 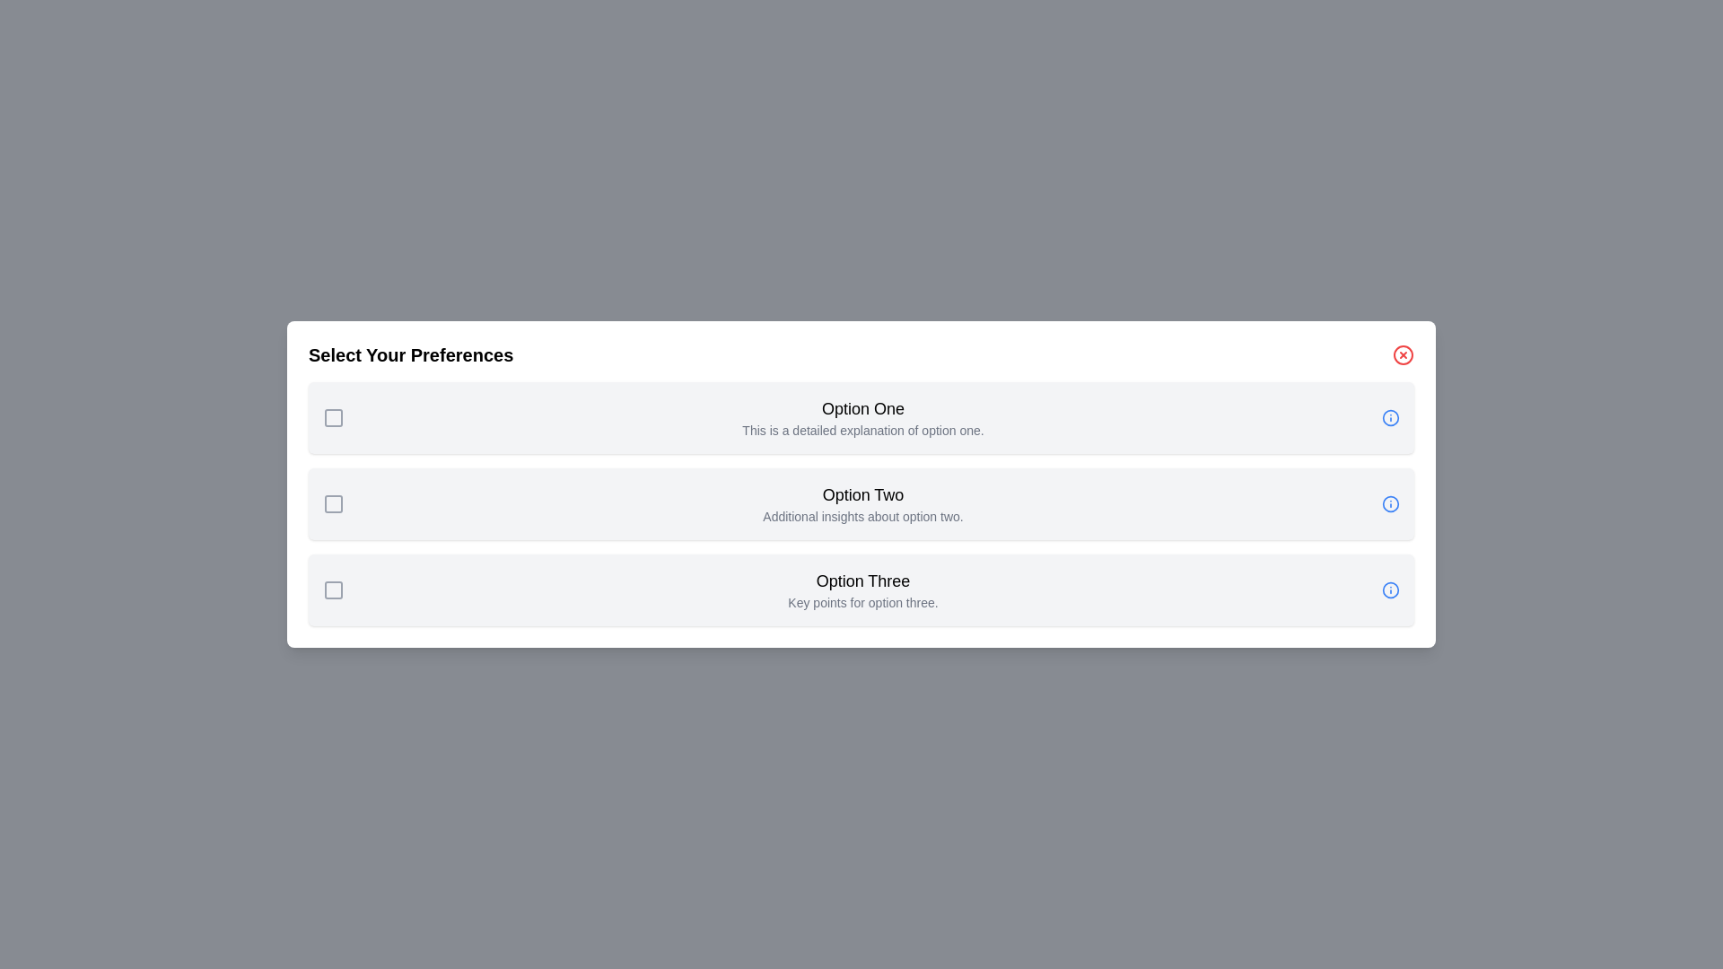 I want to click on the Text block labeled 'Option Two' which contains a title and description, styled with a larger font for the title and a smaller font for the description, positioned in the middle of a vertically stacked list of options, so click(x=862, y=504).